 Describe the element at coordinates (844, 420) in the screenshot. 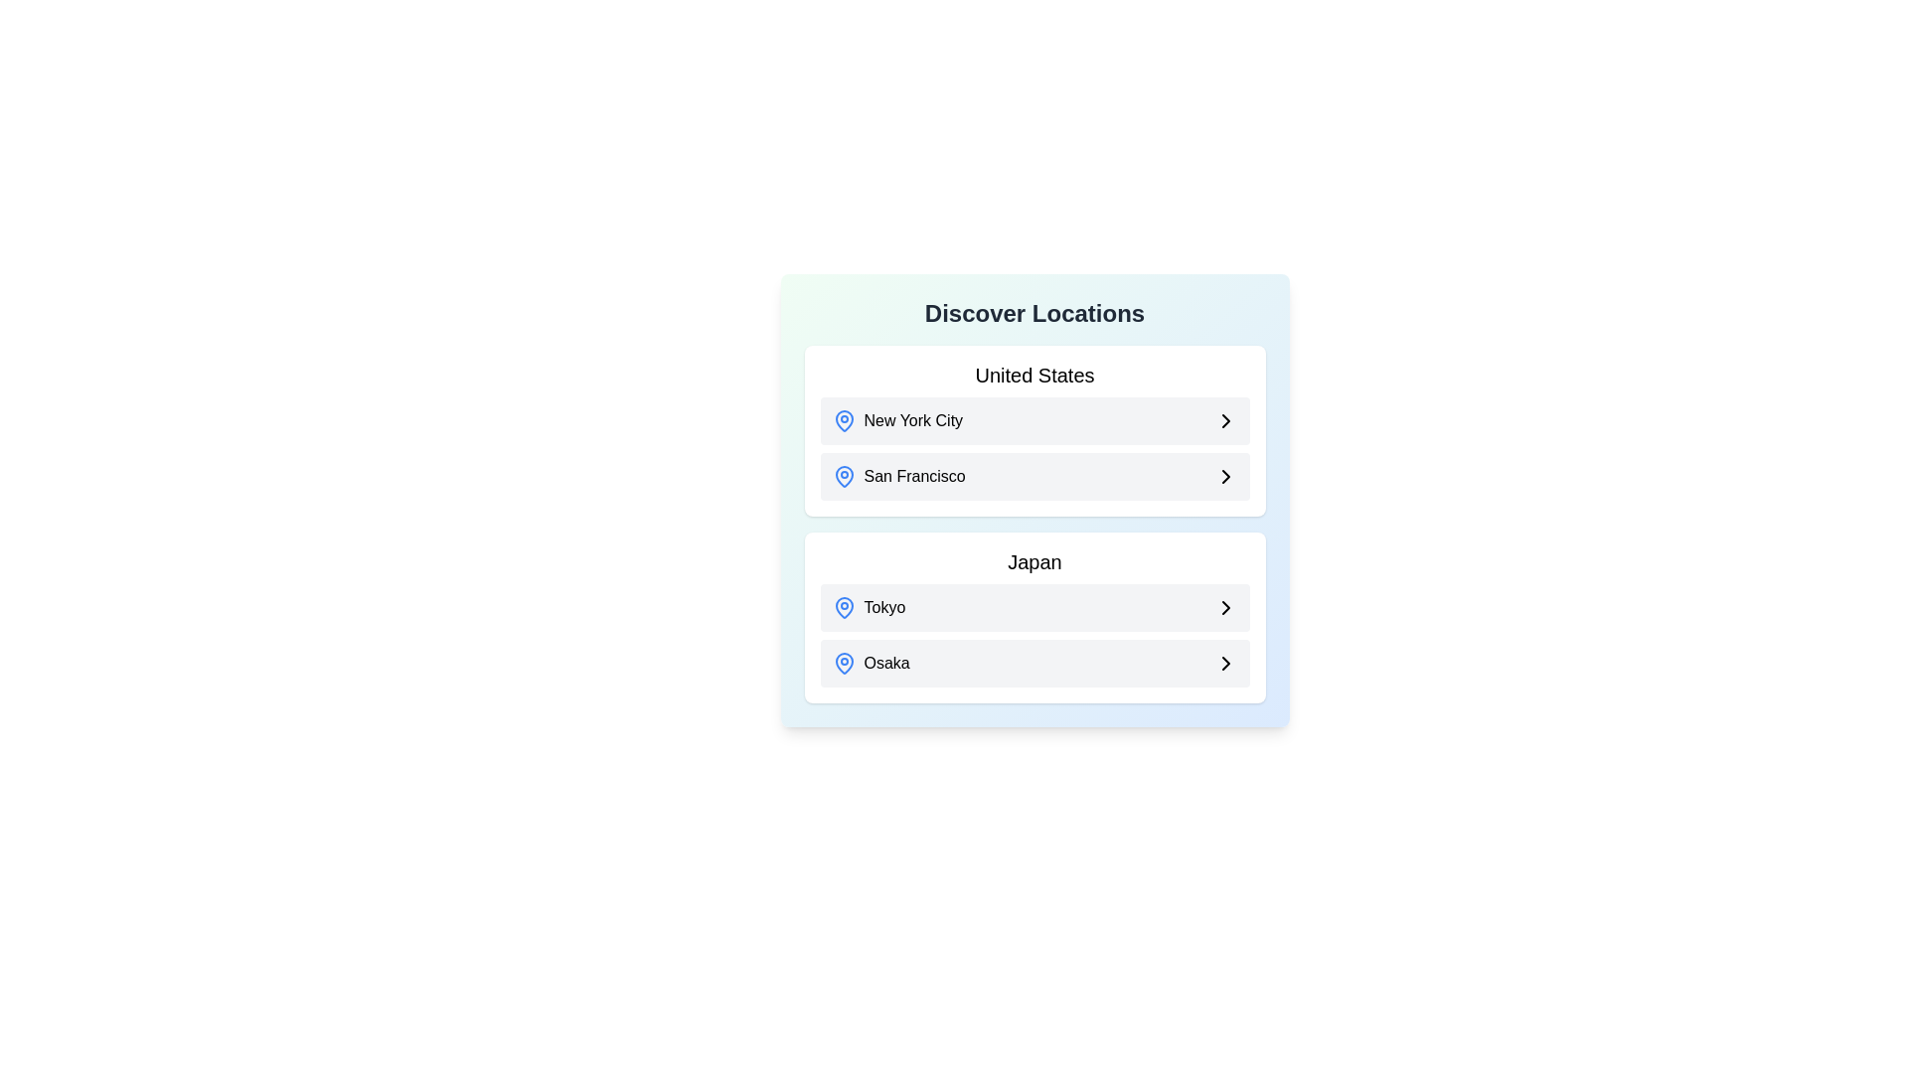

I see `the icon representing 'New York City' located before the text label within the list of locations under 'United States'` at that location.